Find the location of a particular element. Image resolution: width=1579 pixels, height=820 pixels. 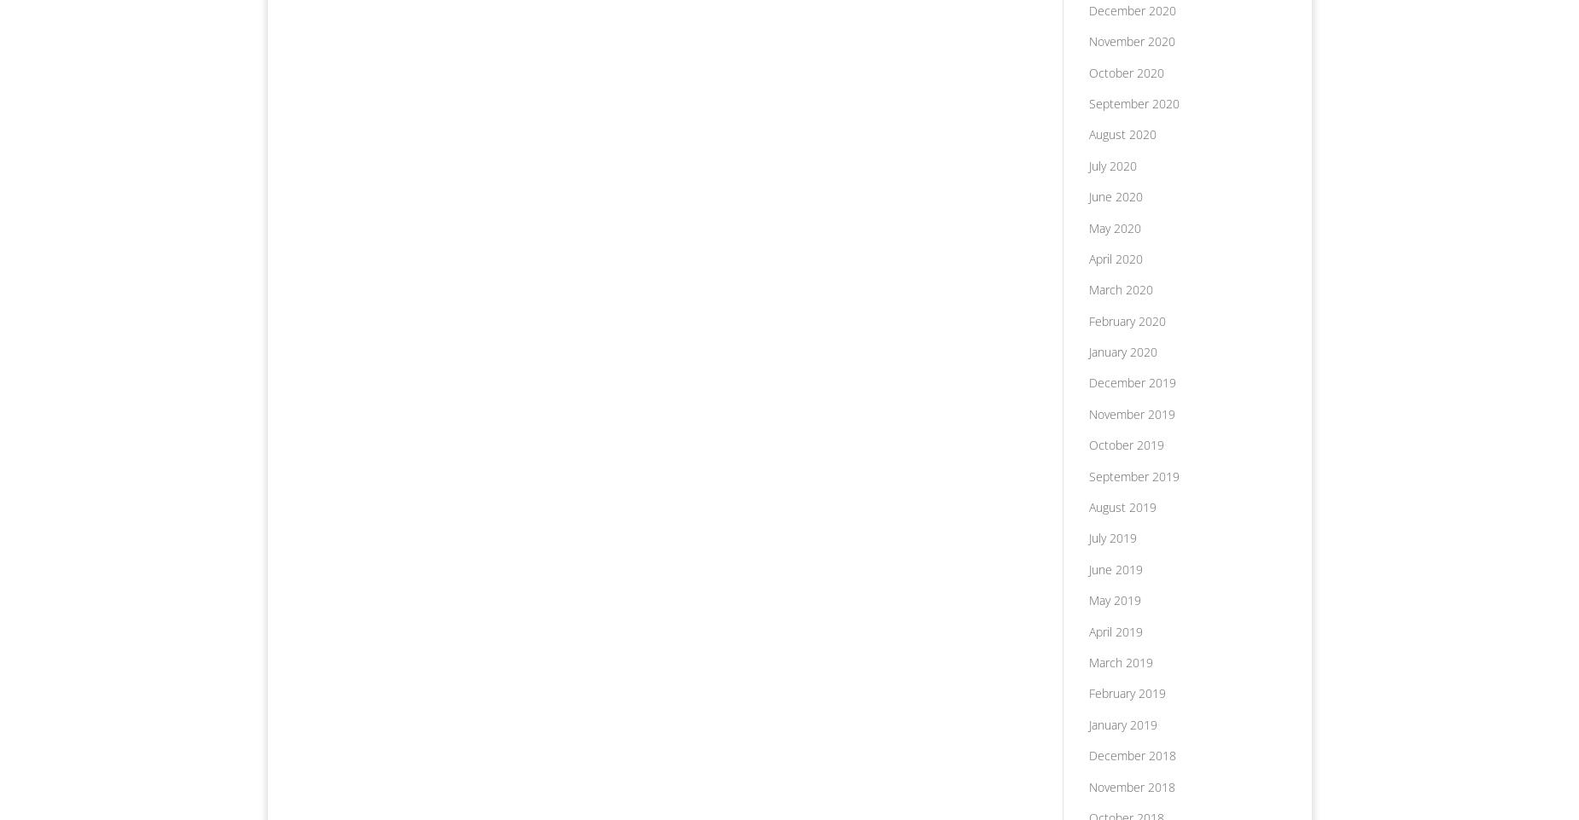

'April 2019' is located at coordinates (1114, 631).